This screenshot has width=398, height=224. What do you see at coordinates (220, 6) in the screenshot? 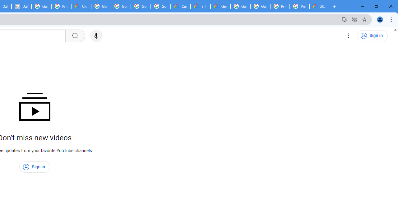
I see `'Gemini for Business and Developers | Google Cloud'` at bounding box center [220, 6].